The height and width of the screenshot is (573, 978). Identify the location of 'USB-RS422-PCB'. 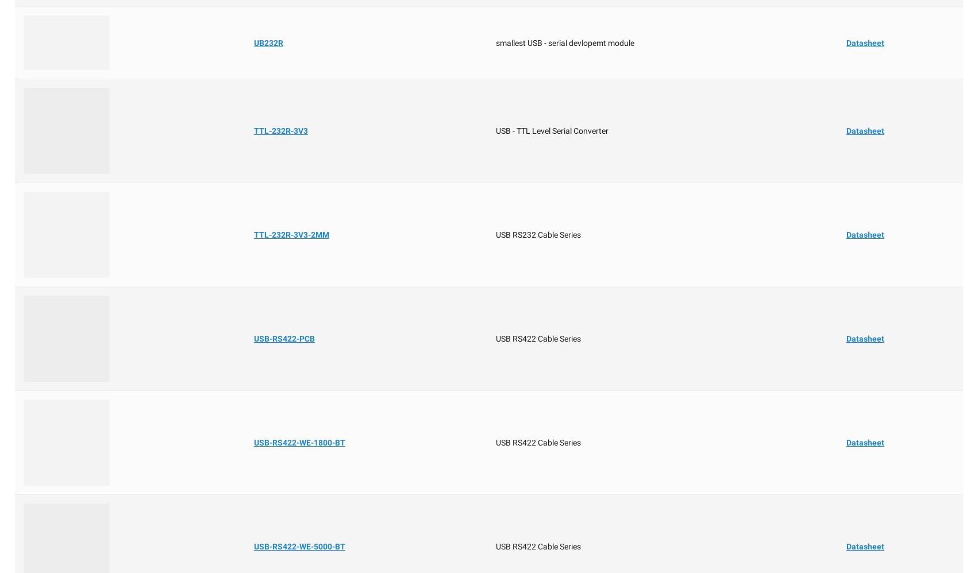
(283, 338).